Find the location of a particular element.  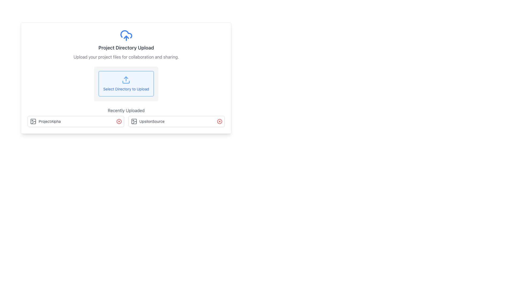

informational text that says 'Upload your project files for collaboration and sharing.' located just below the section title 'Project Directory Upload' and above the 'Select Directory to Upload' button is located at coordinates (126, 57).